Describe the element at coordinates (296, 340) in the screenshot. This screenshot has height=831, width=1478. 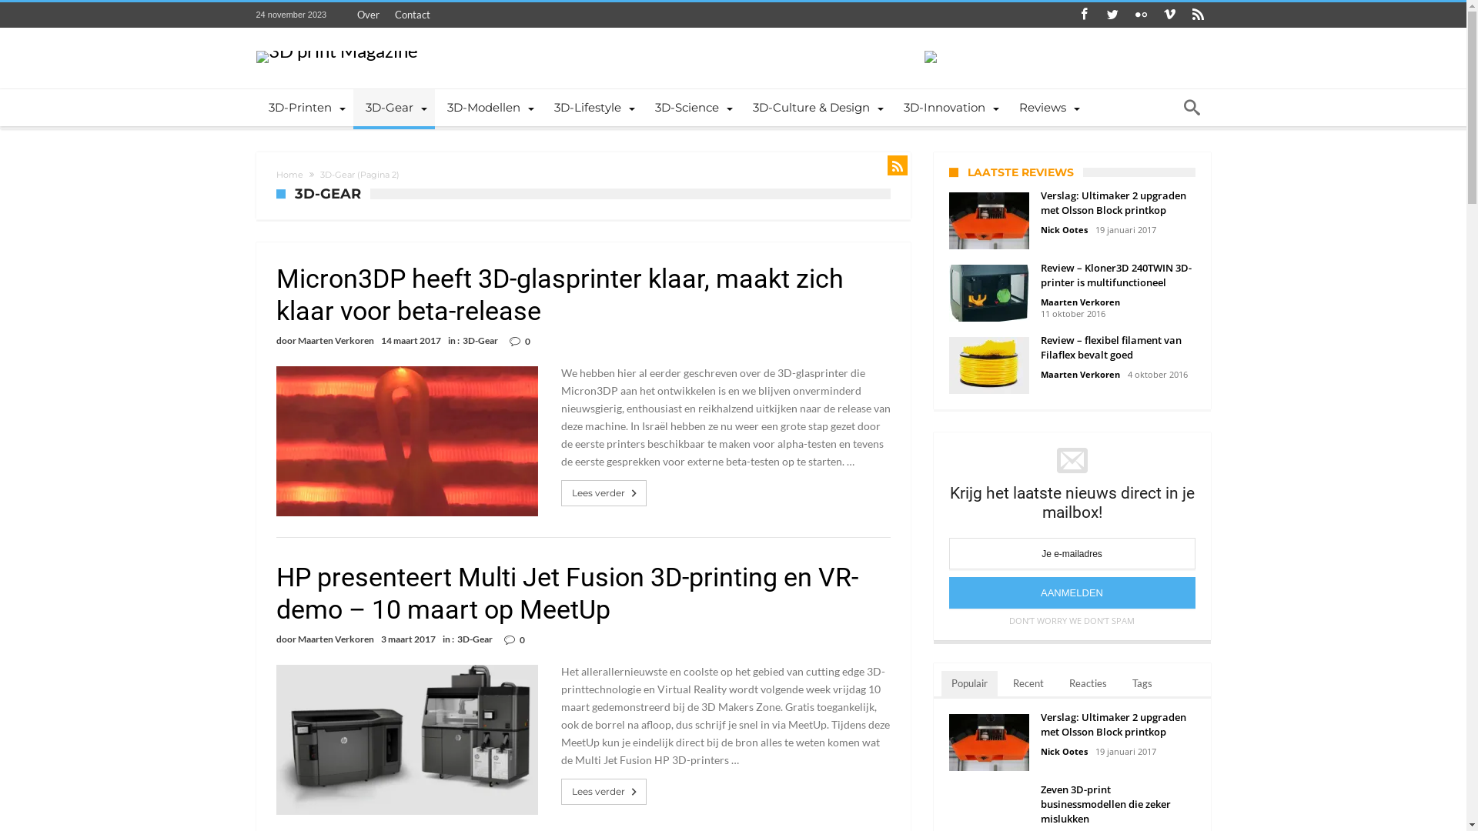
I see `'Maarten Verkoren'` at that location.